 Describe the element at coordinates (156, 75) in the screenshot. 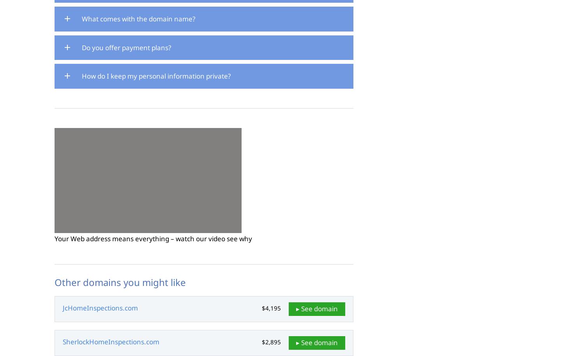

I see `'How do I keep my personal information private?'` at that location.